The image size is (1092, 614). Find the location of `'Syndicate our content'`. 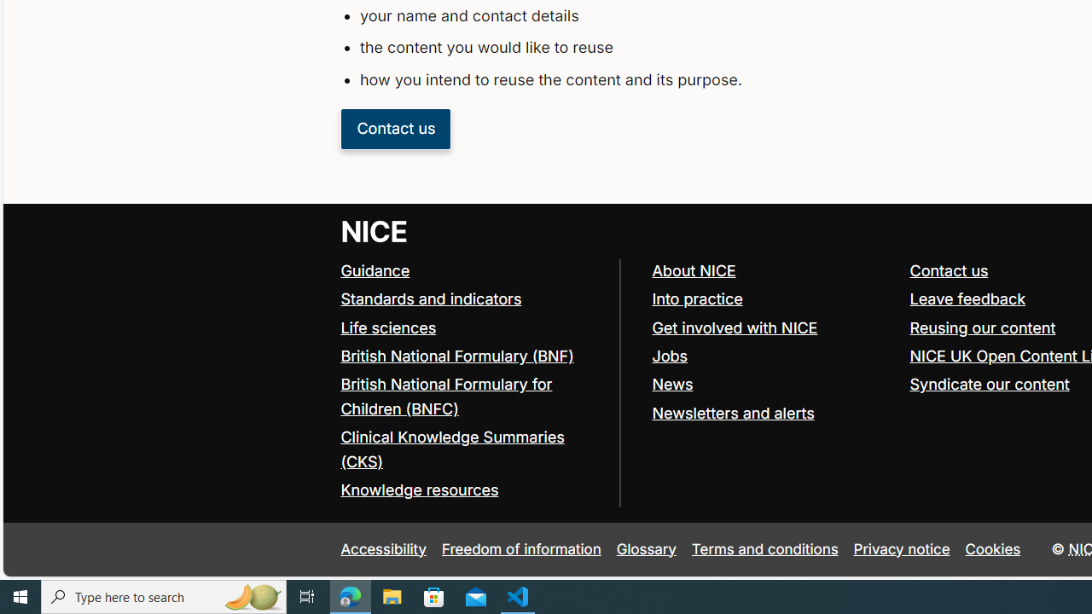

'Syndicate our content' is located at coordinates (990, 385).